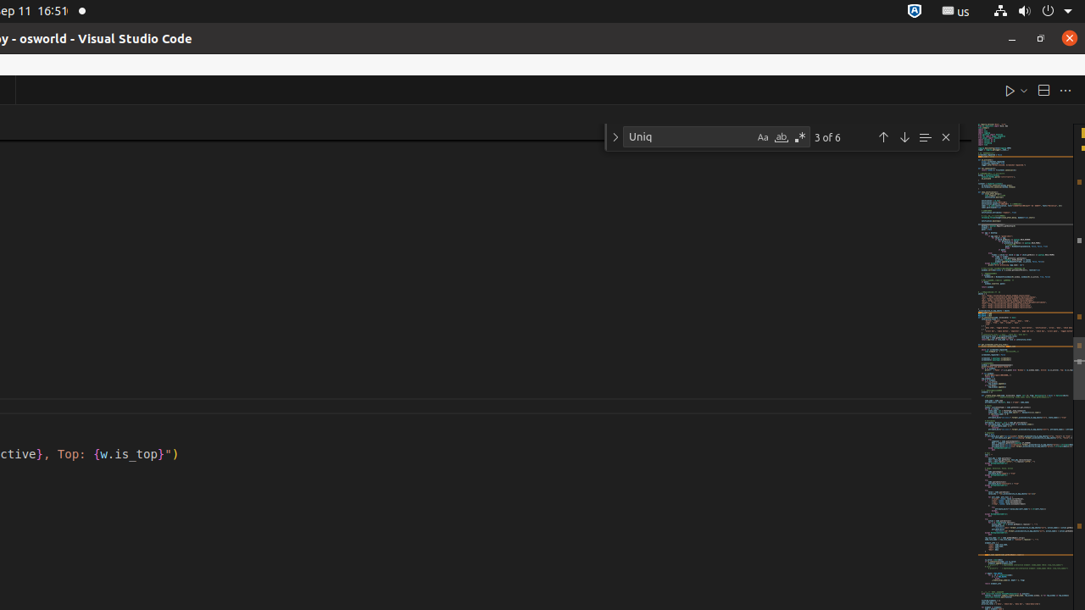 Image resolution: width=1085 pixels, height=610 pixels. I want to click on 'More Actions...', so click(1064, 90).